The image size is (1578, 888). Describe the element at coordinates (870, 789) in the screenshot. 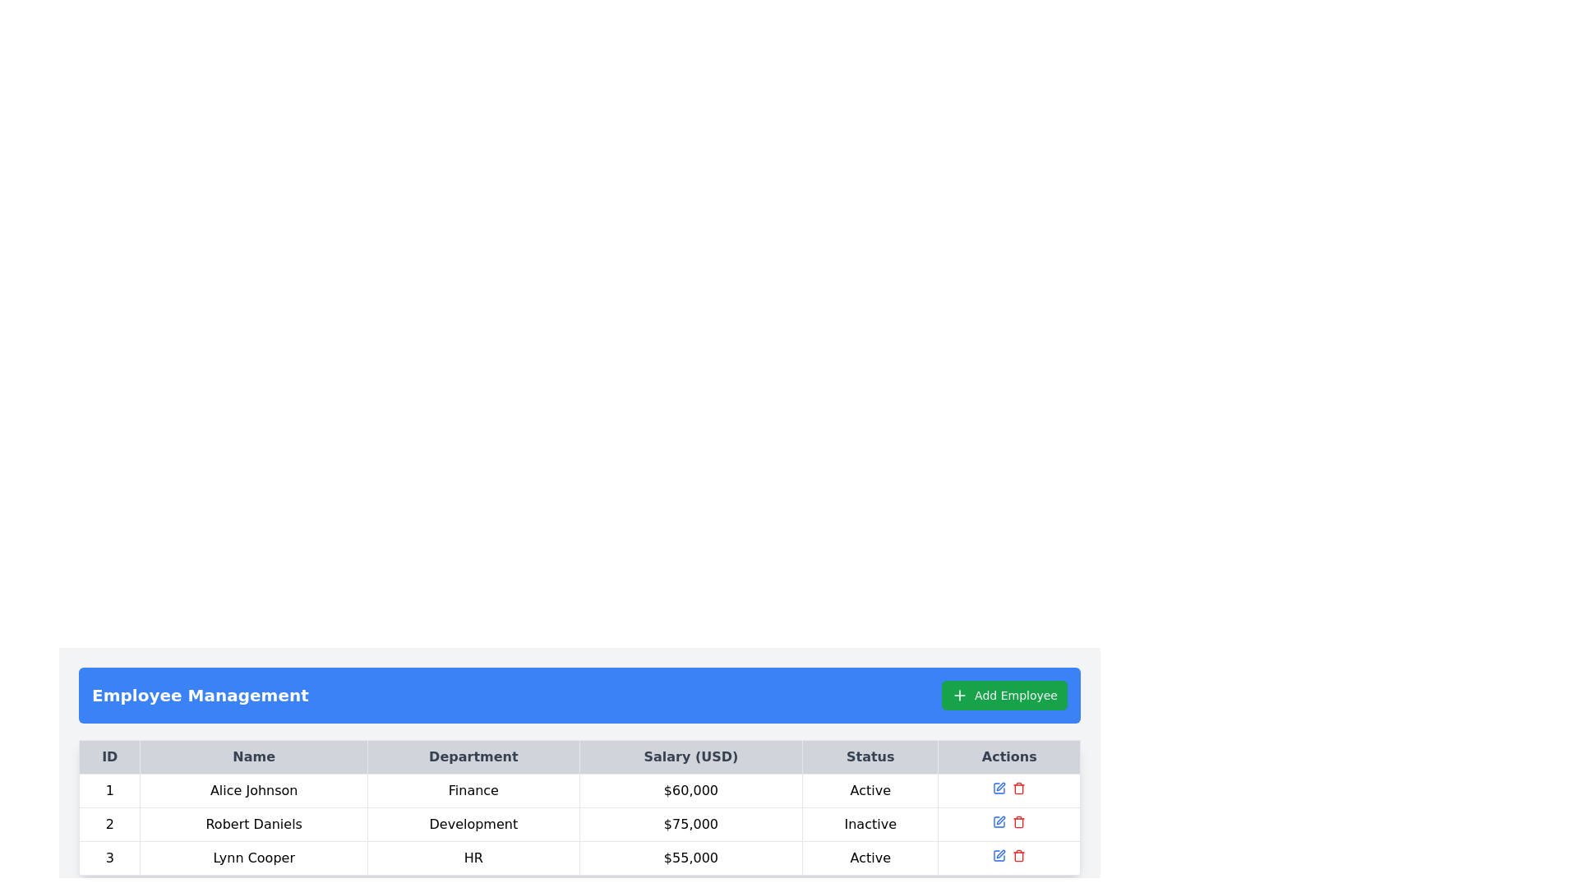

I see `the static text field displaying 'Active' located in the last column of the first row under the 'Status' header, which is directly to the right of the '$60,000' value in the 'Salary' column for Alice Johnson` at that location.